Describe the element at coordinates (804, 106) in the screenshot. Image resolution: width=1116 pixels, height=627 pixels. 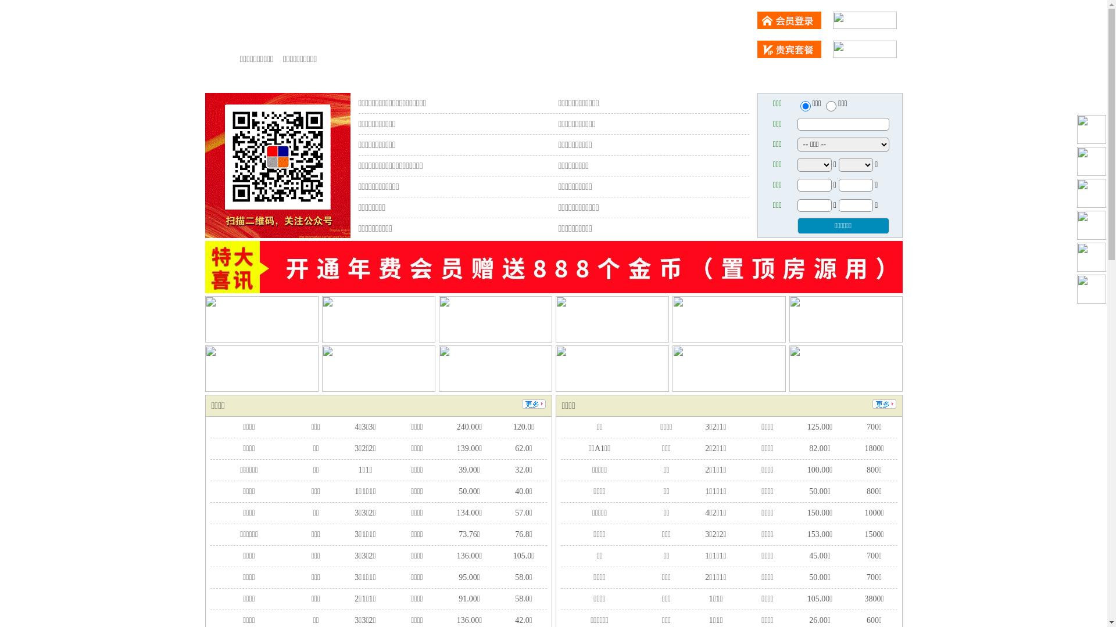
I see `'ershou'` at that location.